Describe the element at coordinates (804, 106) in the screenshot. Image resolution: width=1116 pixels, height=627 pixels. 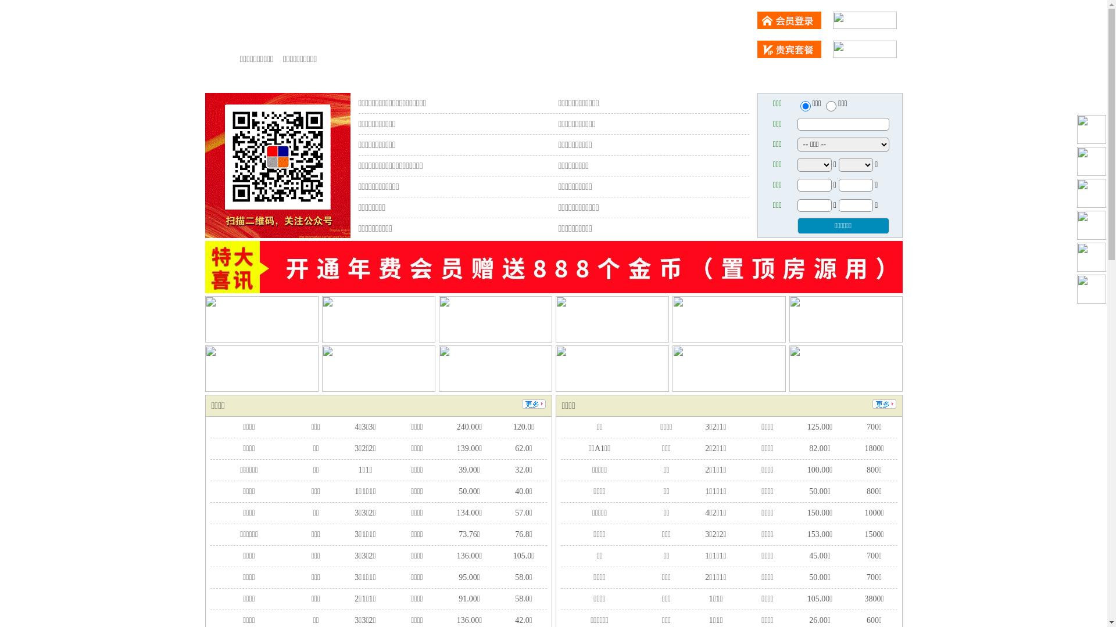
I see `'ershou'` at that location.